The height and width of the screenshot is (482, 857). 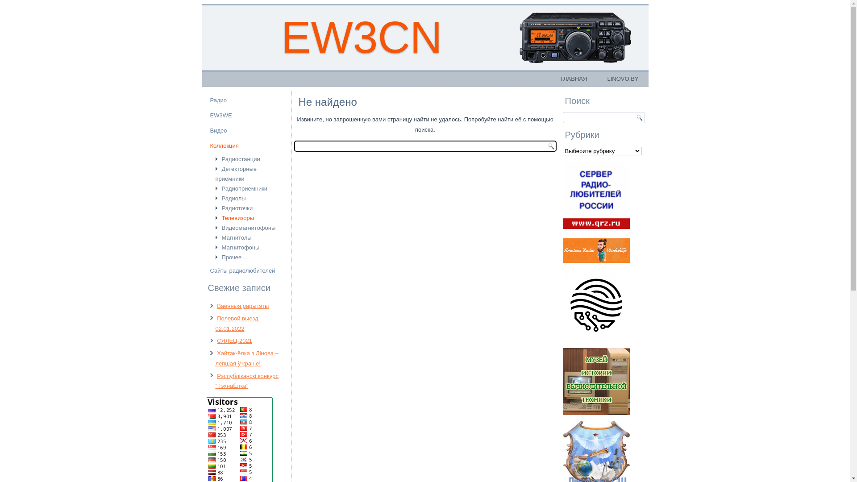 I want to click on 'LINOVO.BY', so click(x=622, y=79).